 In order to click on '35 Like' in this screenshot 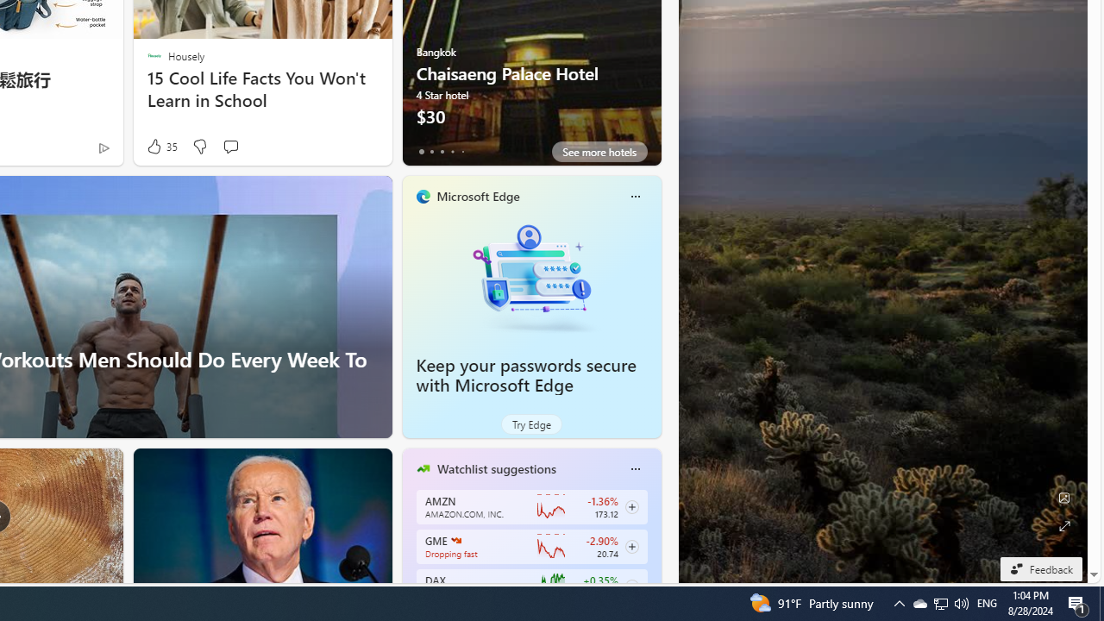, I will do `click(160, 146)`.